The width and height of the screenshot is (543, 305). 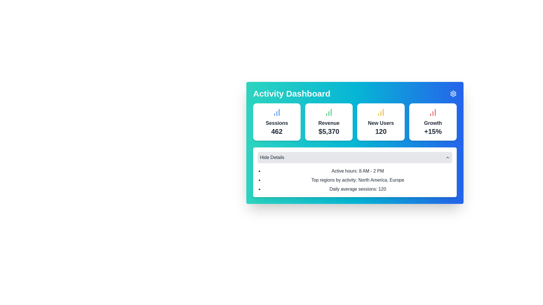 What do you see at coordinates (447, 158) in the screenshot?
I see `the chevron icon located to the right edge of the 'Hide Details' button` at bounding box center [447, 158].